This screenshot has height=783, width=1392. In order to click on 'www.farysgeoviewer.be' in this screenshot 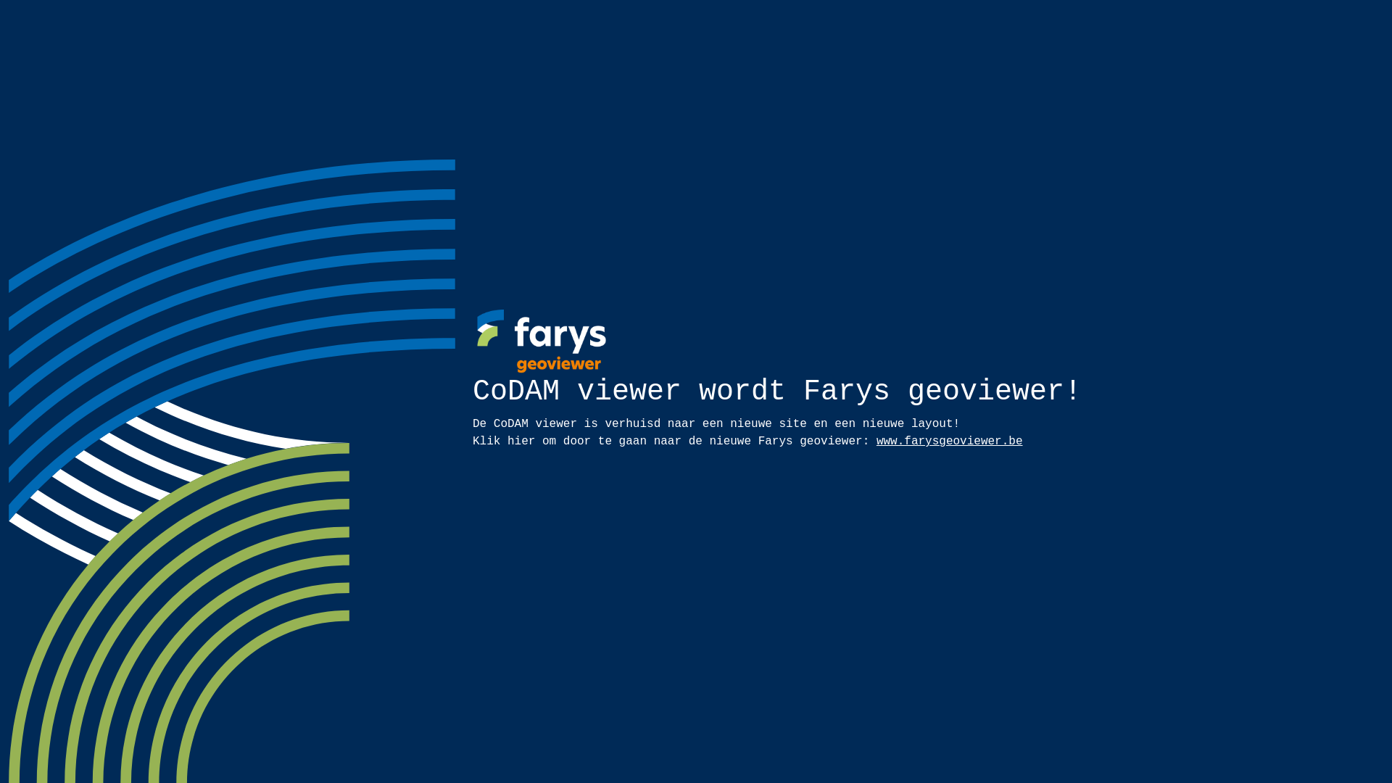, I will do `click(950, 441)`.